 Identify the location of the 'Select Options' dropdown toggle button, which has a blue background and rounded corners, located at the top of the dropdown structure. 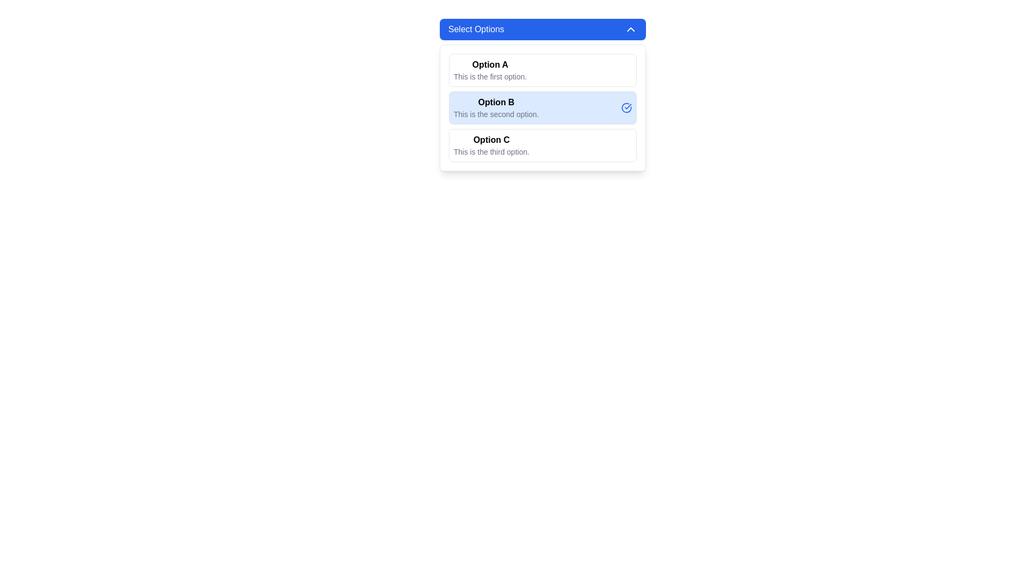
(543, 28).